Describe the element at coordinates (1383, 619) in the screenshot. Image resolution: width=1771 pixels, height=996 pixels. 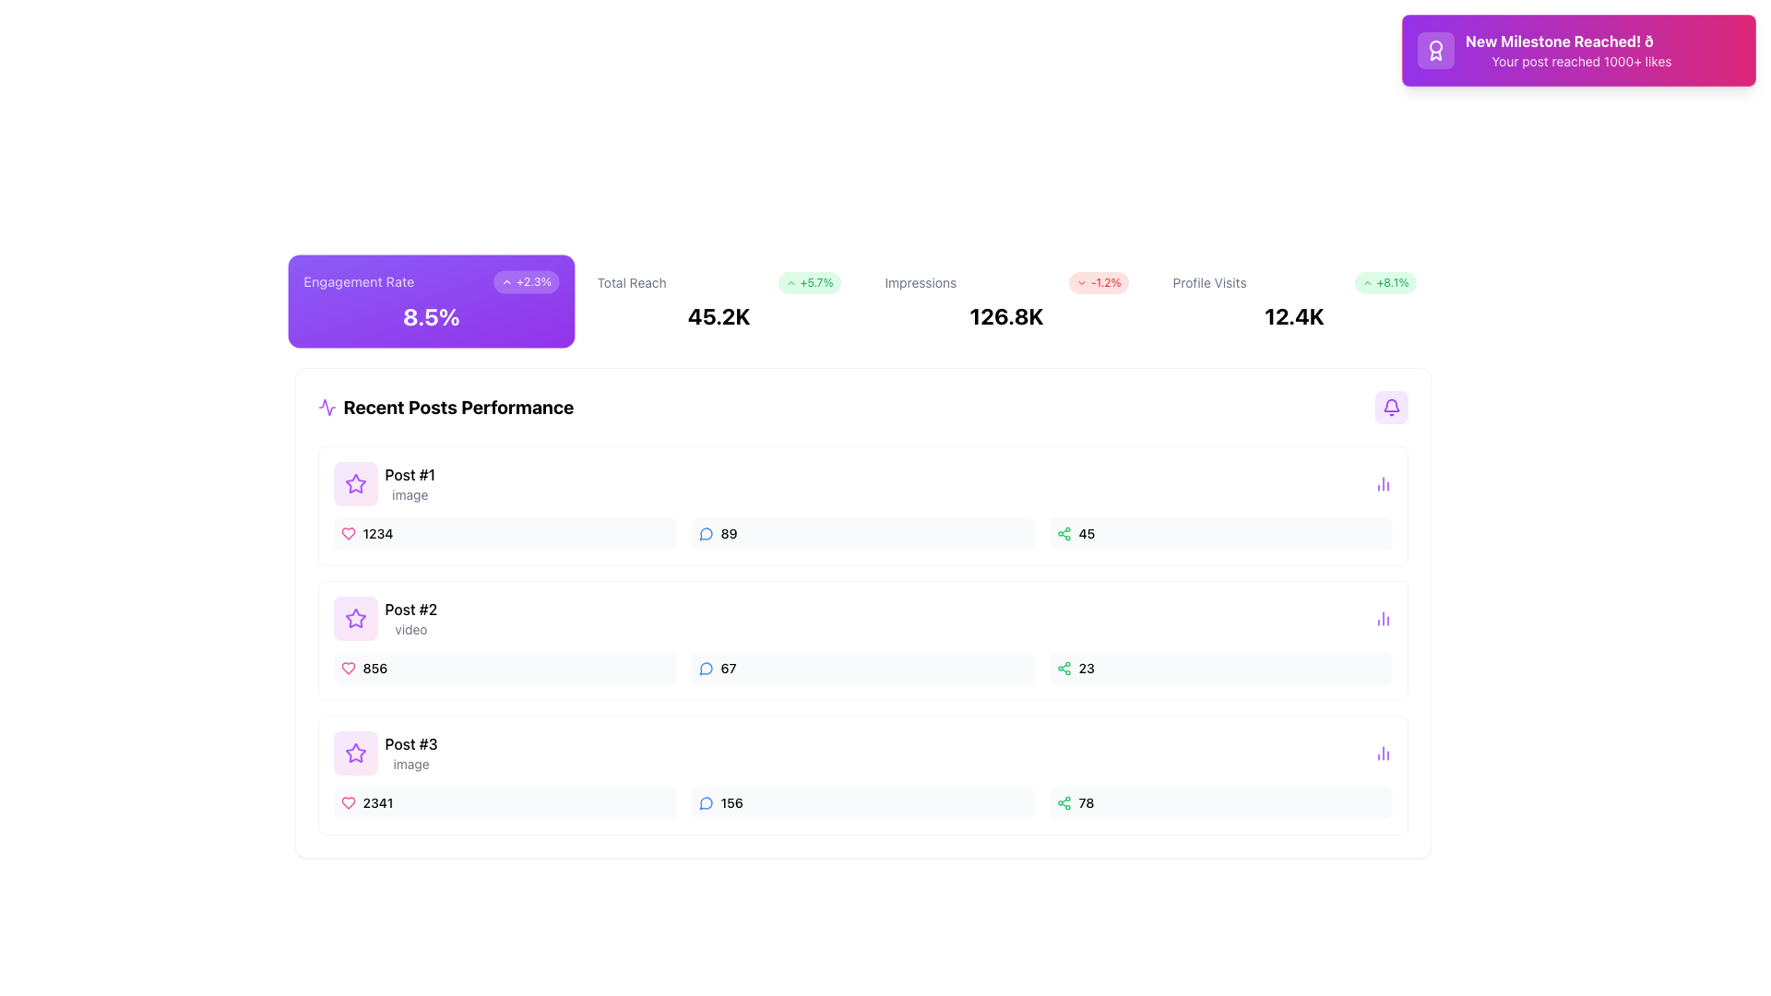
I see `the icon button located on the far right of the row for 'Post #2' in the 'Recent Posts Performance' section` at that location.